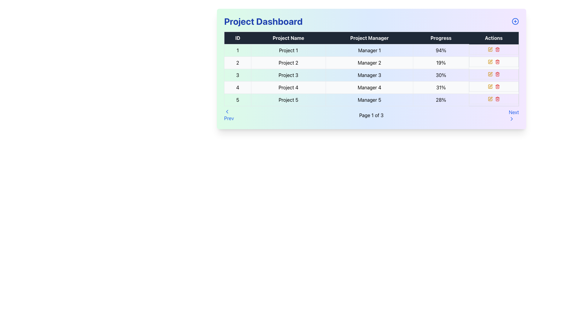  What do you see at coordinates (494, 49) in the screenshot?
I see `the yellow pencil icon in the 'Actions' column of the first row for 'Project 1' to initiate editing` at bounding box center [494, 49].